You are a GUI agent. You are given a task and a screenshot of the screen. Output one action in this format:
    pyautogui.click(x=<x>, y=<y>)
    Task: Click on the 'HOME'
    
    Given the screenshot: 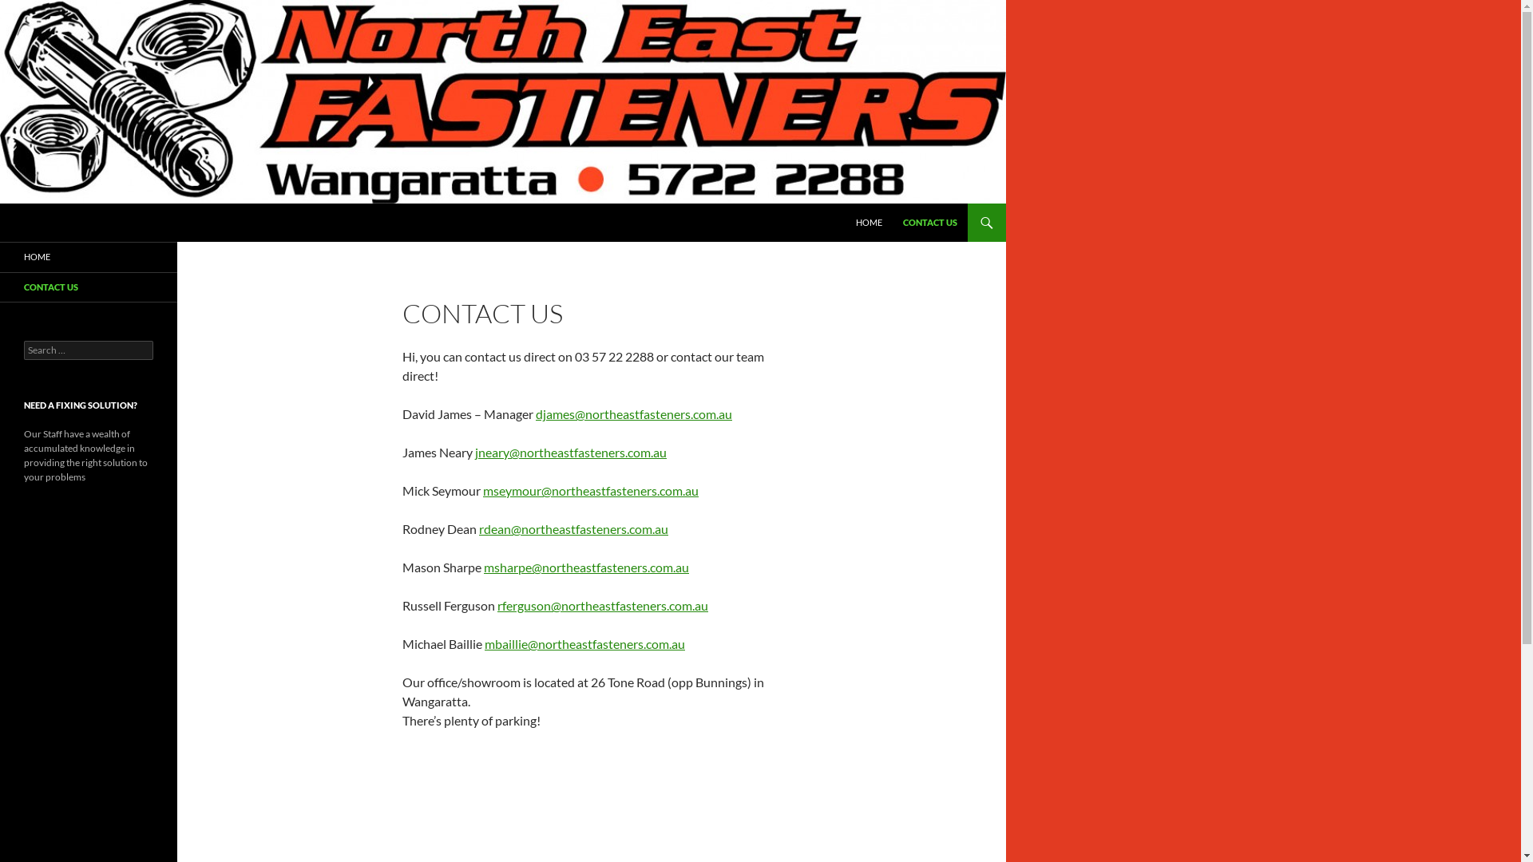 What is the action you would take?
    pyautogui.click(x=868, y=222)
    